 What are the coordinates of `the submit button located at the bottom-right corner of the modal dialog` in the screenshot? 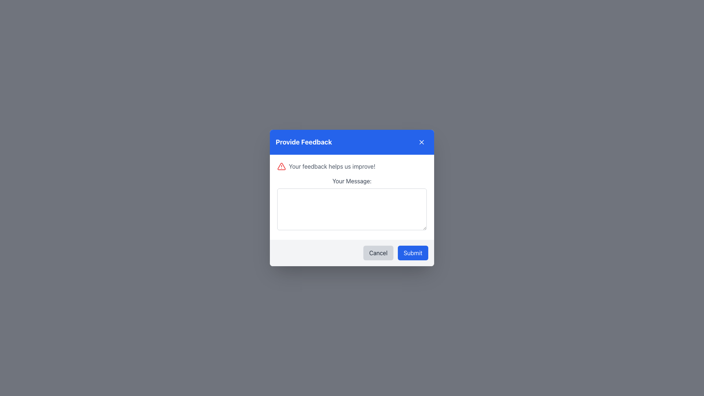 It's located at (413, 253).